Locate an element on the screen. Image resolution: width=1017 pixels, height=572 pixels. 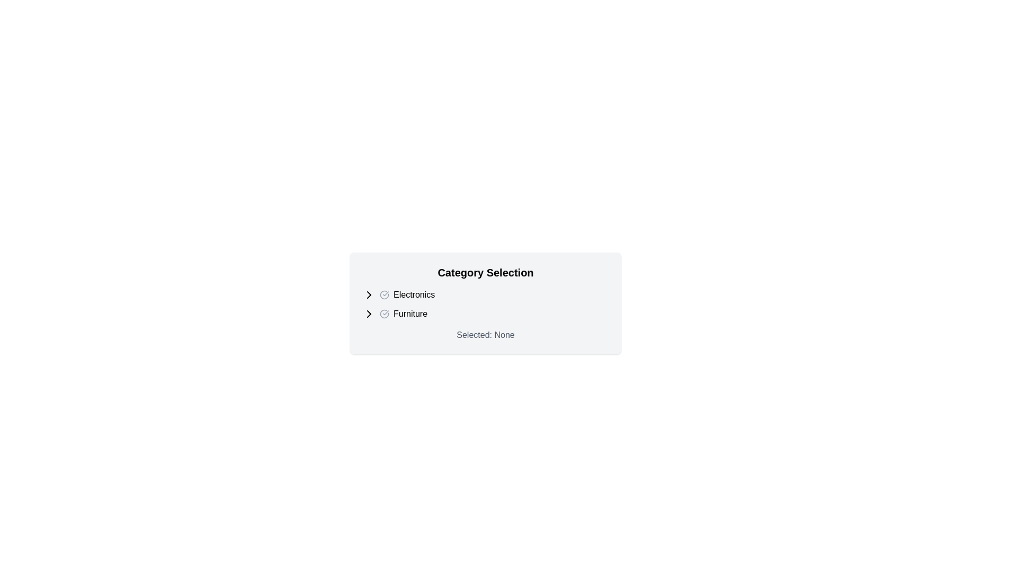
the right-pointing arrow icon with a black border, located to the left of the 'Furniture' label is located at coordinates (369, 314).